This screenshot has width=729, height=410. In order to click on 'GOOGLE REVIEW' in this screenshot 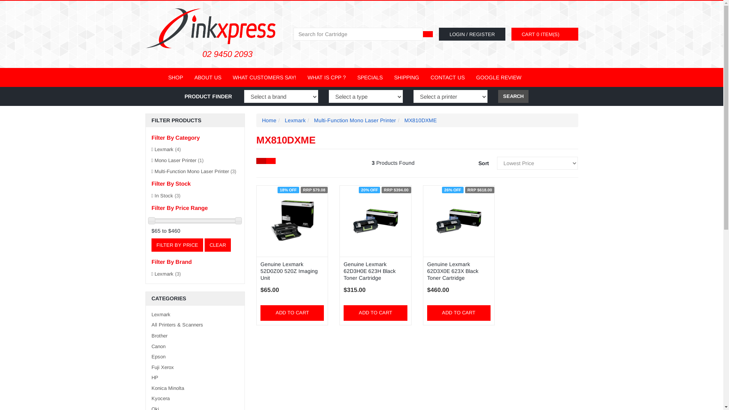, I will do `click(498, 77)`.